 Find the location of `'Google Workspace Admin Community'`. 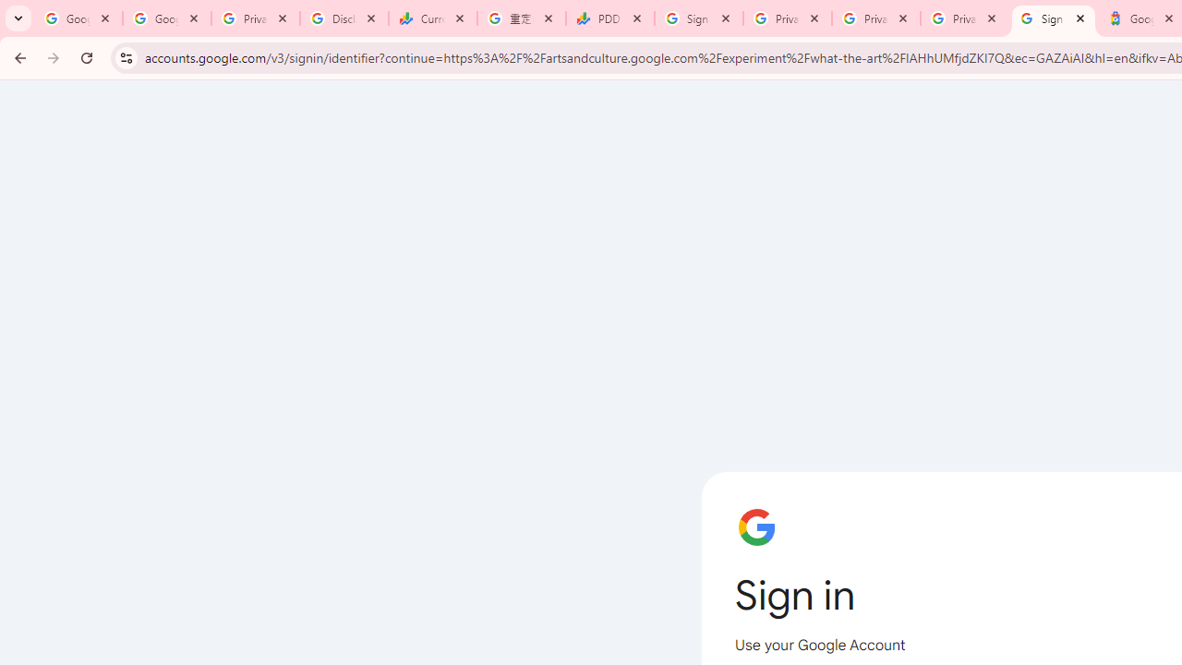

'Google Workspace Admin Community' is located at coordinates (78, 18).